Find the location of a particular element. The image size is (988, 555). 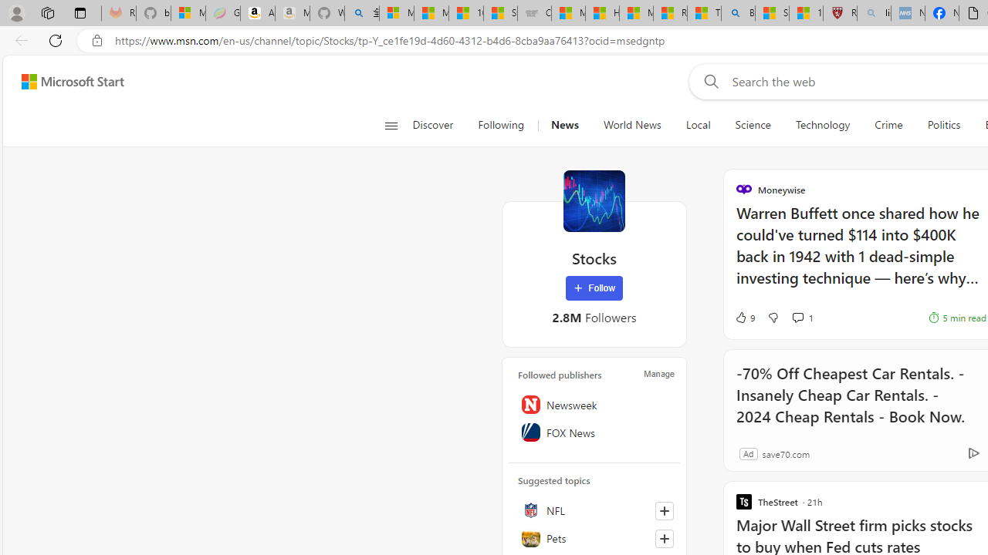

'Microsoft account | Privacy' is located at coordinates (396, 13).